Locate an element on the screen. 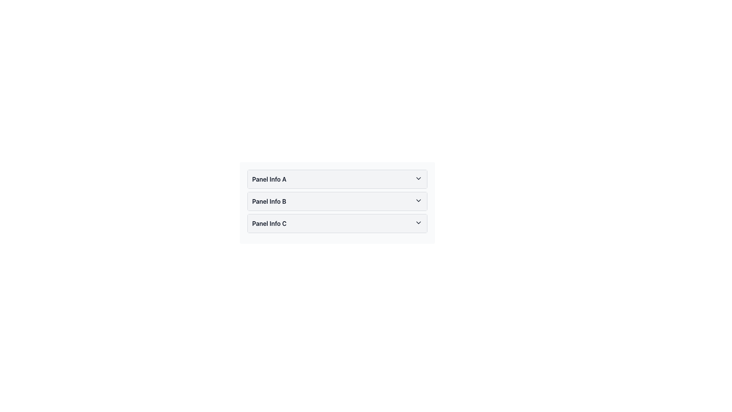 The image size is (732, 412). the downward-pointing chevron icon is located at coordinates (418, 222).